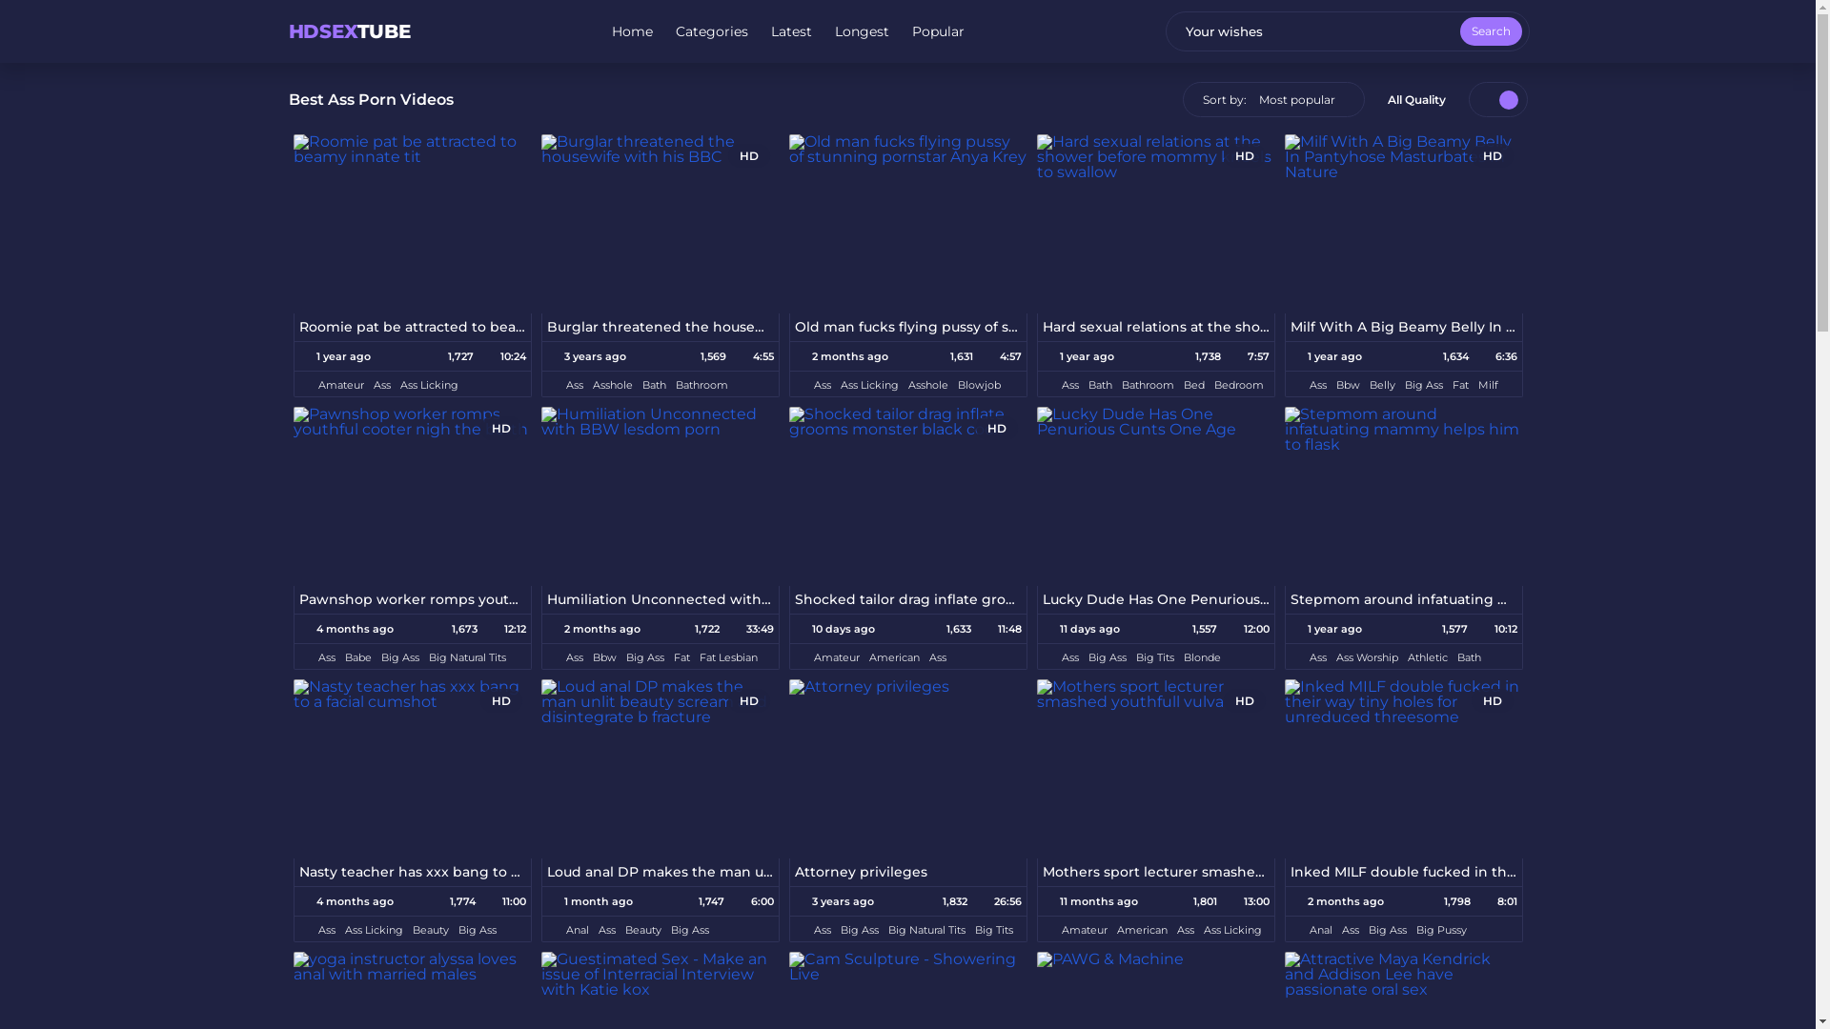 This screenshot has width=1830, height=1029. What do you see at coordinates (613, 385) in the screenshot?
I see `'Asshole'` at bounding box center [613, 385].